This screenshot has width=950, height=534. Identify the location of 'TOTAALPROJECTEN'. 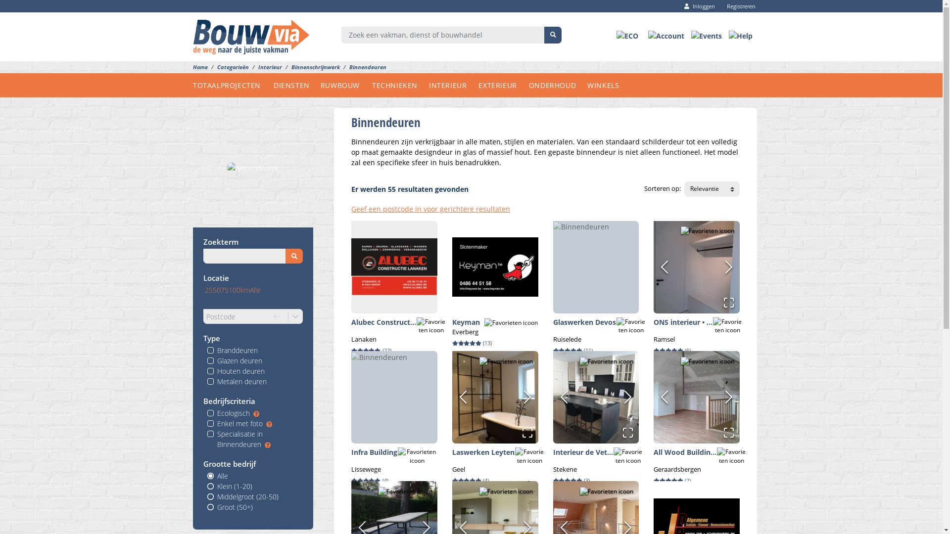
(233, 85).